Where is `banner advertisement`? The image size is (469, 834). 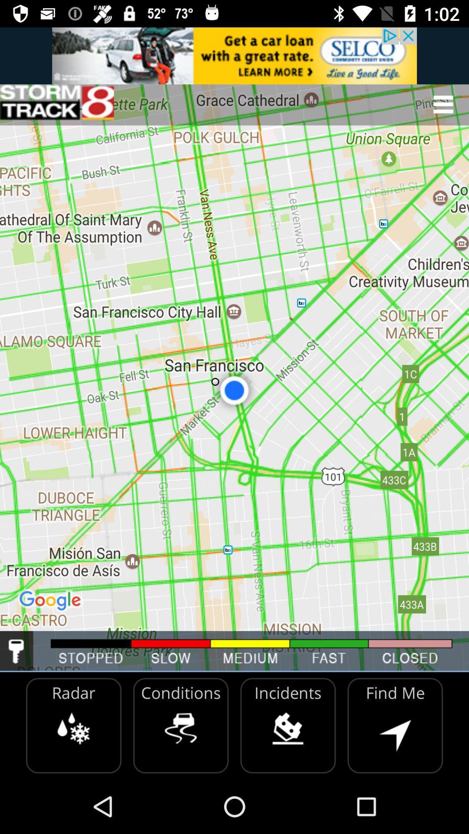 banner advertisement is located at coordinates (234, 55).